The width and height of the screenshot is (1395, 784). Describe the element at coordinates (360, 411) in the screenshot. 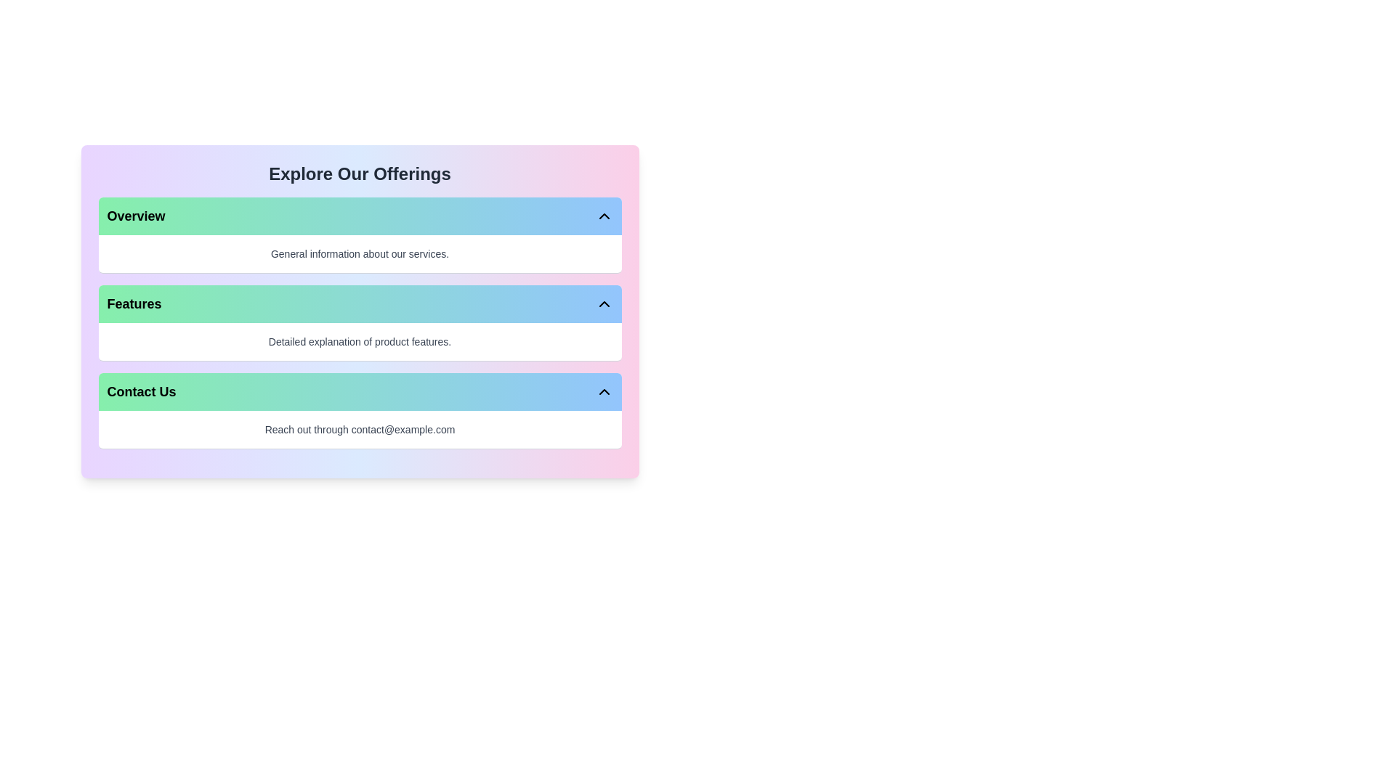

I see `the Collapsible section at the bottom of the list` at that location.